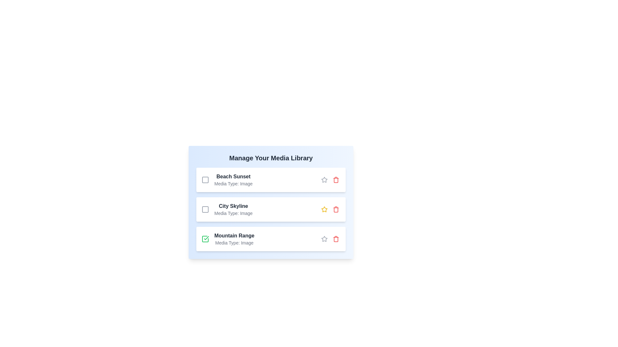 The width and height of the screenshot is (618, 347). I want to click on the media item titled Mountain Range, so click(205, 239).